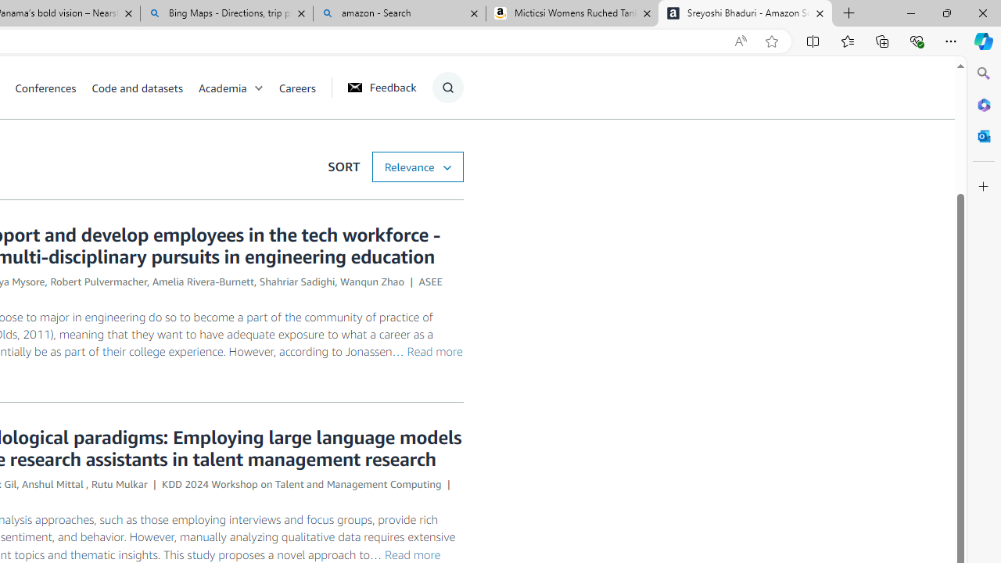 This screenshot has height=563, width=1001. Describe the element at coordinates (447, 87) in the screenshot. I see `'Class: icon-magnify'` at that location.